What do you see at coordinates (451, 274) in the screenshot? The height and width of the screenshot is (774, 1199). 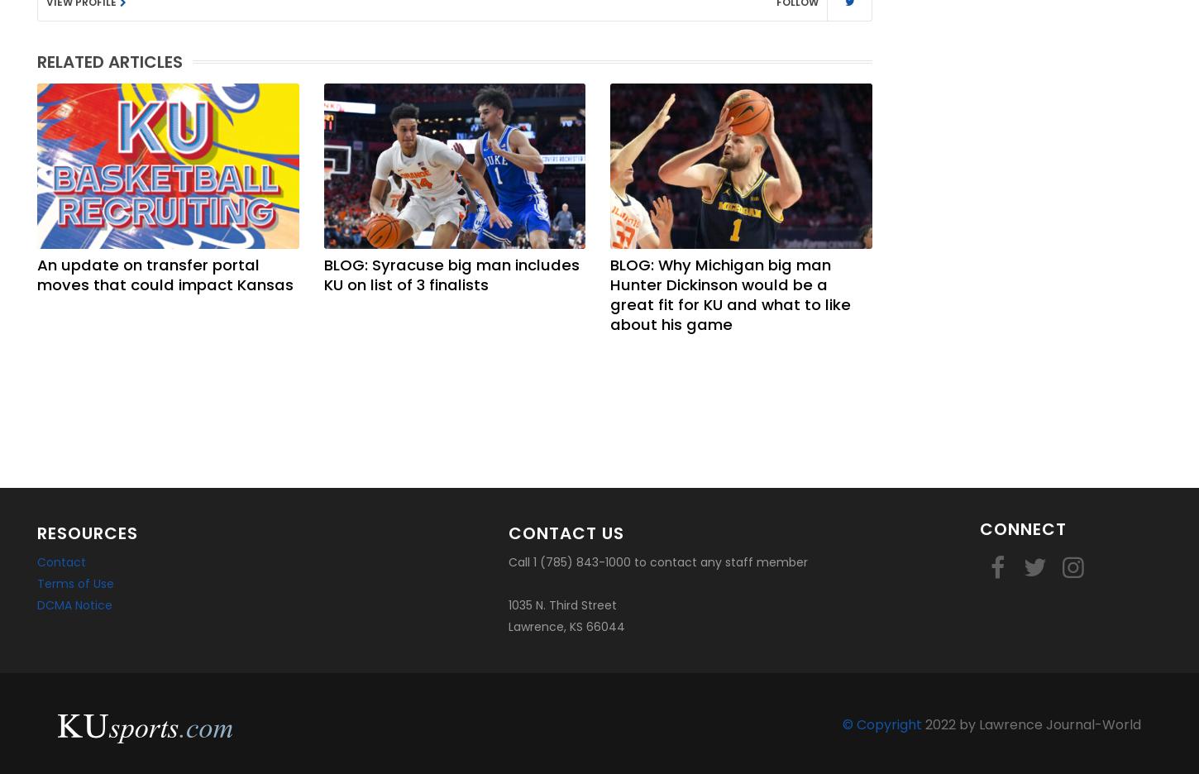 I see `'BLOG: Syracuse big man includes KU on list of 3 finalists'` at bounding box center [451, 274].